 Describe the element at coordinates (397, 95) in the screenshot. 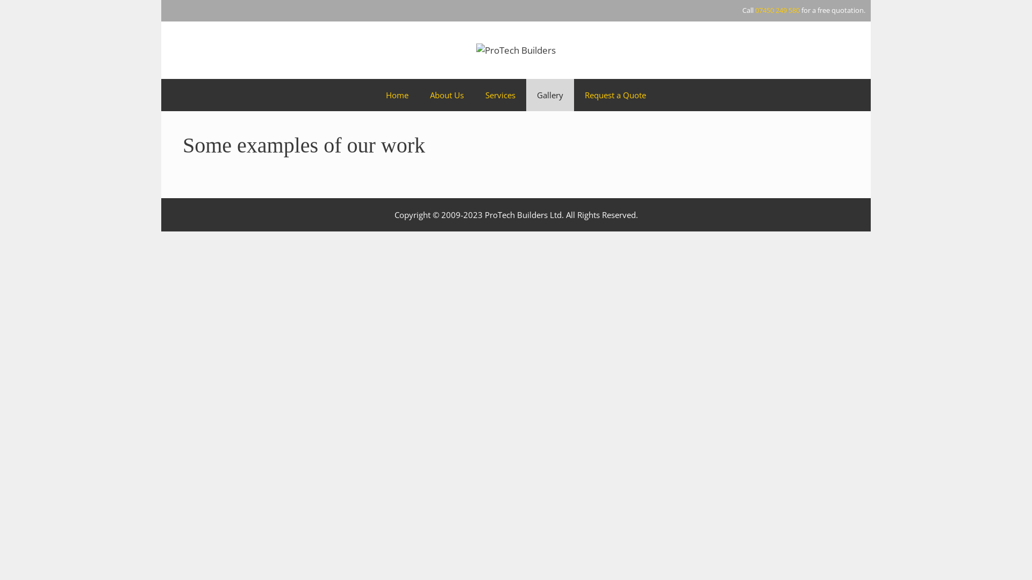

I see `'Home'` at that location.